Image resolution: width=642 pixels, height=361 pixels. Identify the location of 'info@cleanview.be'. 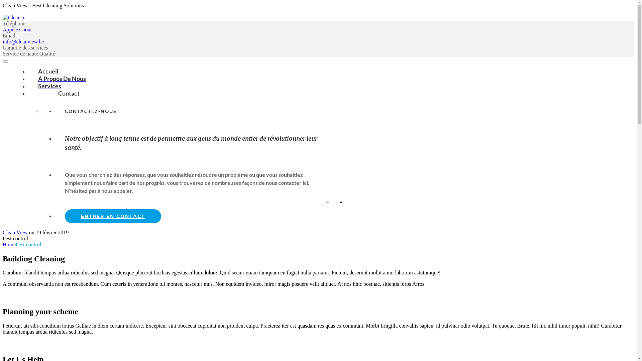
(23, 41).